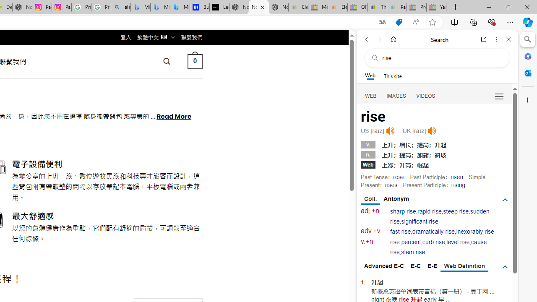  What do you see at coordinates (403, 211) in the screenshot?
I see `'sharp rise'` at bounding box center [403, 211].